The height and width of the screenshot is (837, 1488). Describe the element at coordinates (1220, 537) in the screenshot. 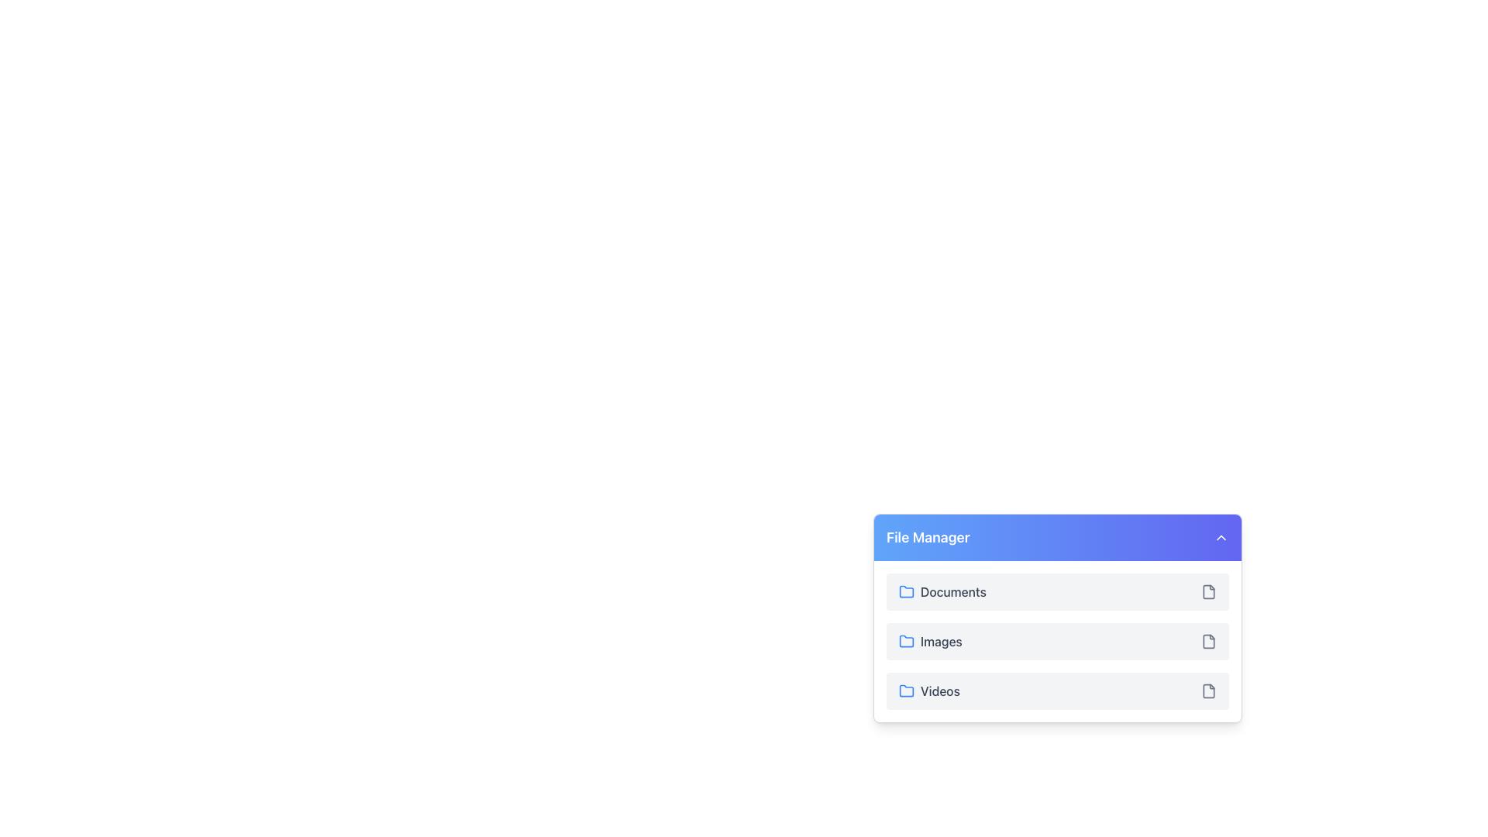

I see `the small upward-pointing chevron icon located at the far-right side of the blue header labeled 'File Manager'` at that location.